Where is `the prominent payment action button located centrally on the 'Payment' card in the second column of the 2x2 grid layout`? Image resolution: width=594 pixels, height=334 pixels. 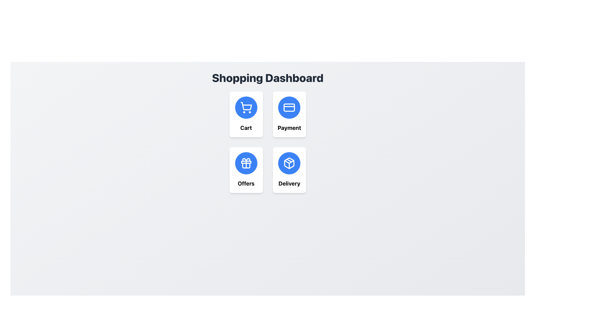 the prominent payment action button located centrally on the 'Payment' card in the second column of the 2x2 grid layout is located at coordinates (289, 107).